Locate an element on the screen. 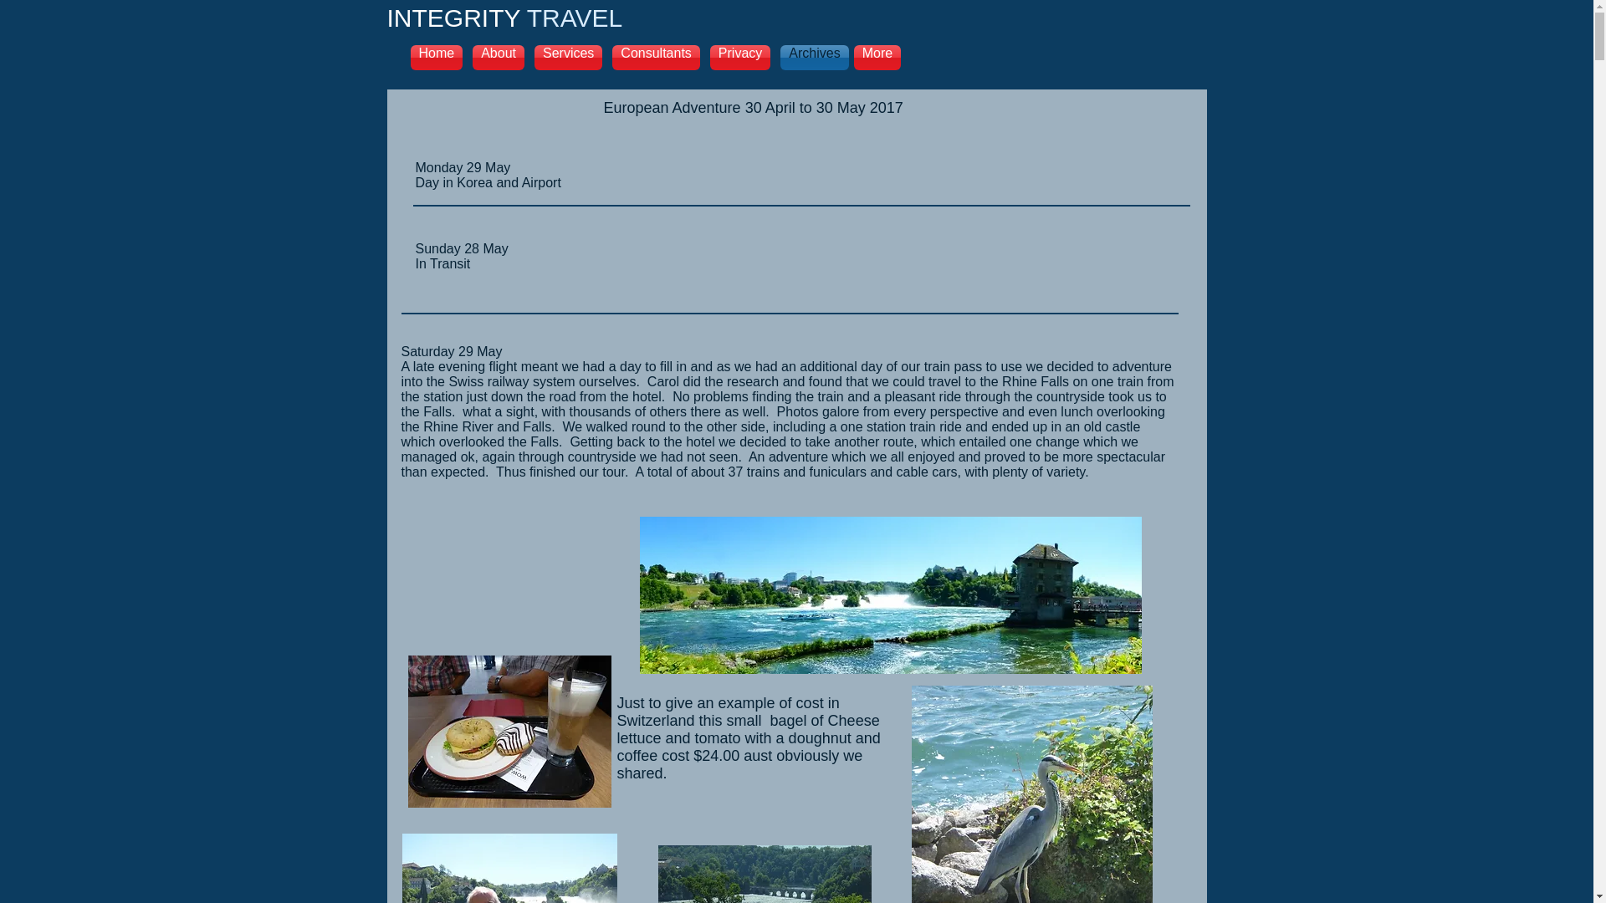 The height and width of the screenshot is (903, 1606). 'Consultants' is located at coordinates (655, 57).